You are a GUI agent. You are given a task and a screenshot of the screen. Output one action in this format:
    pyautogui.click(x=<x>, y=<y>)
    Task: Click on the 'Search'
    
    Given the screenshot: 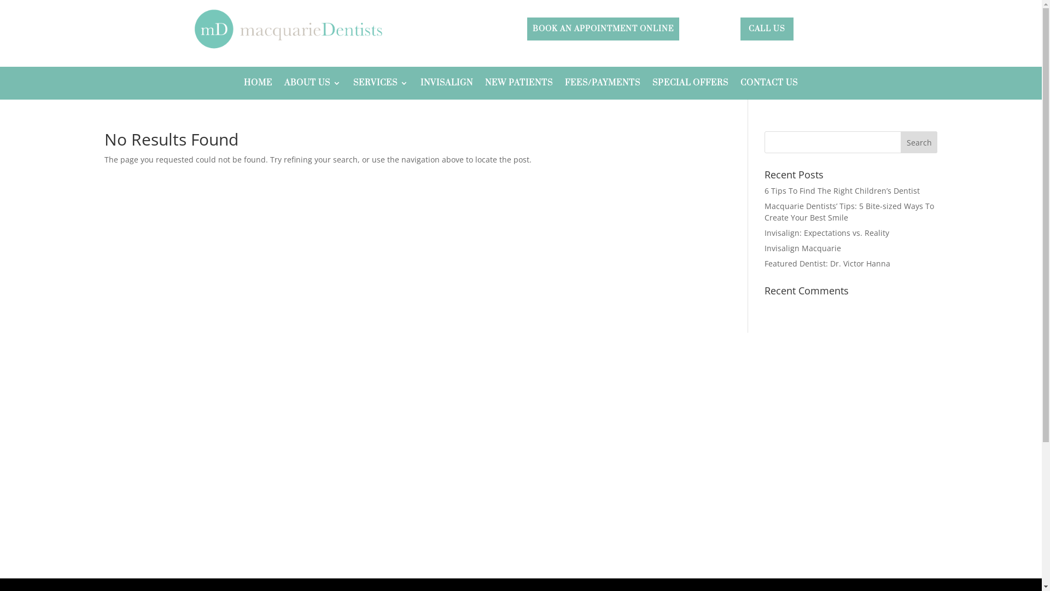 What is the action you would take?
    pyautogui.click(x=919, y=141)
    